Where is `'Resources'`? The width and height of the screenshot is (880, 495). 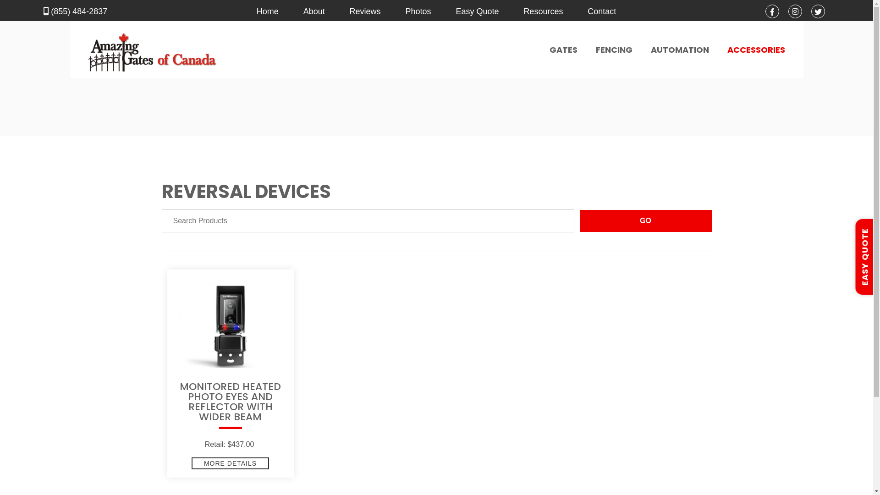
'Resources' is located at coordinates (543, 11).